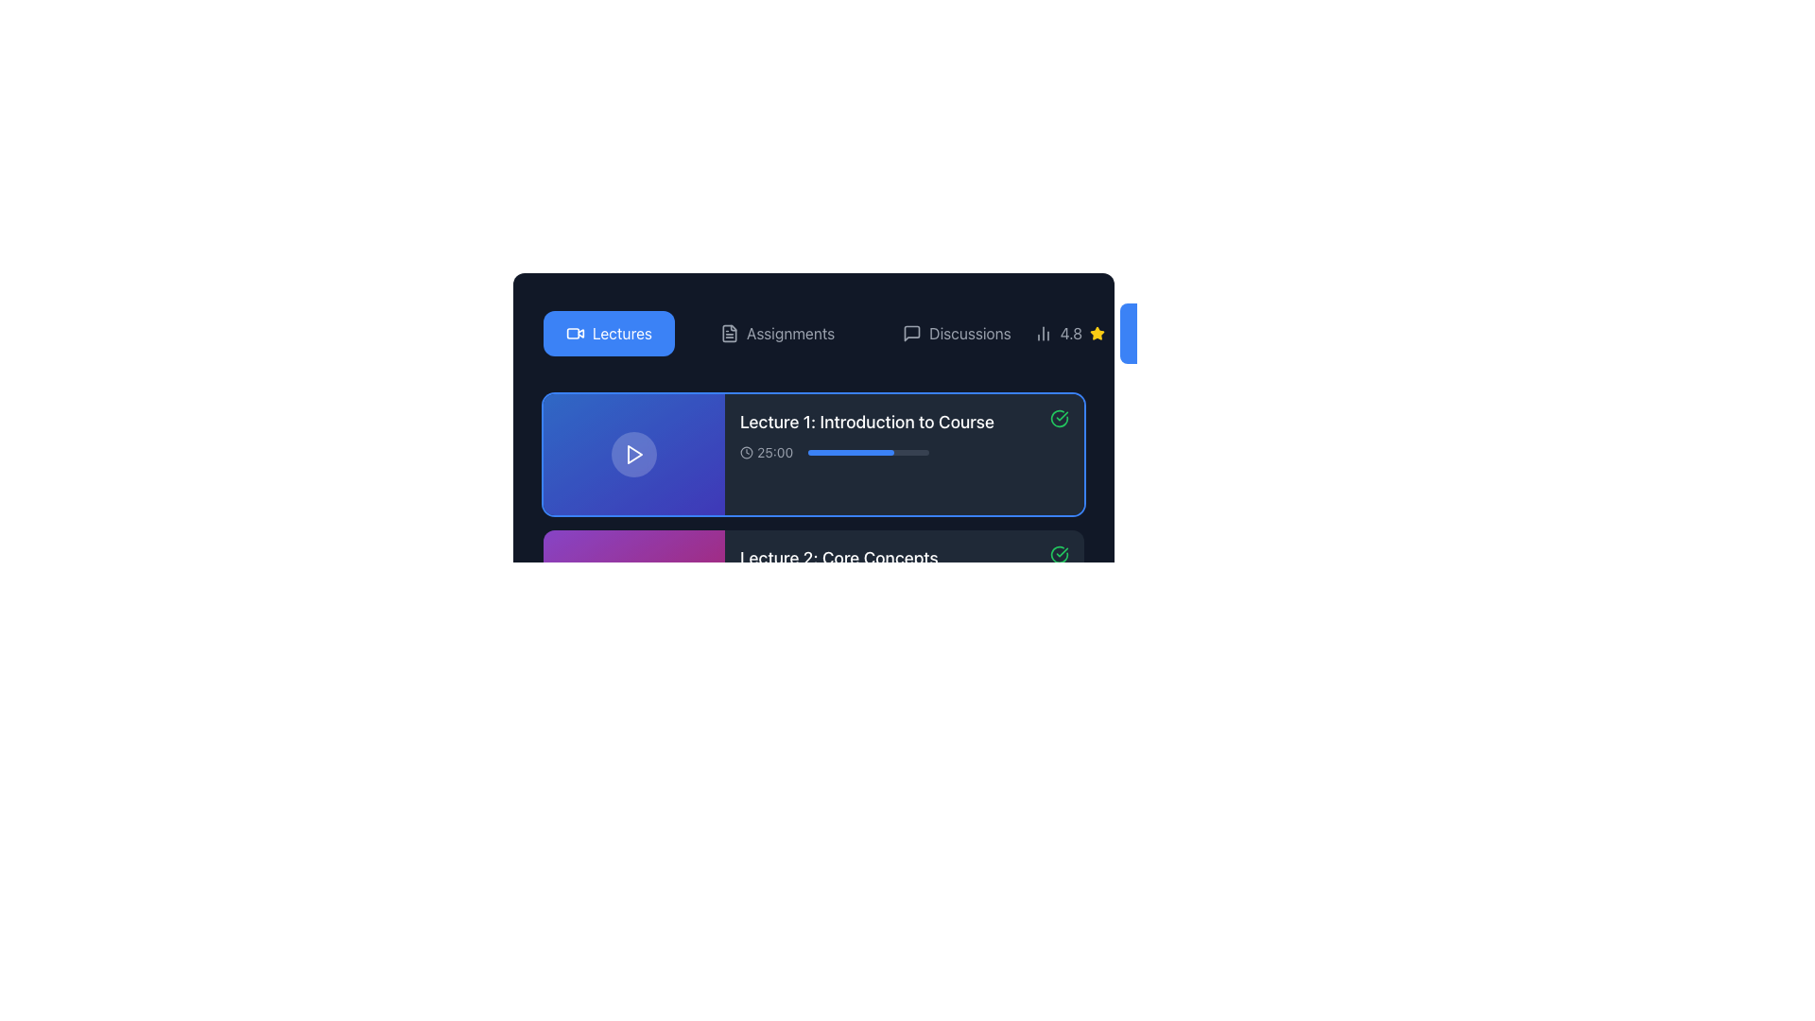 This screenshot has width=1815, height=1021. Describe the element at coordinates (970, 333) in the screenshot. I see `the text label located in the top navigation bar, to the right of 'Assignments' and following a speech bubble icon` at that location.